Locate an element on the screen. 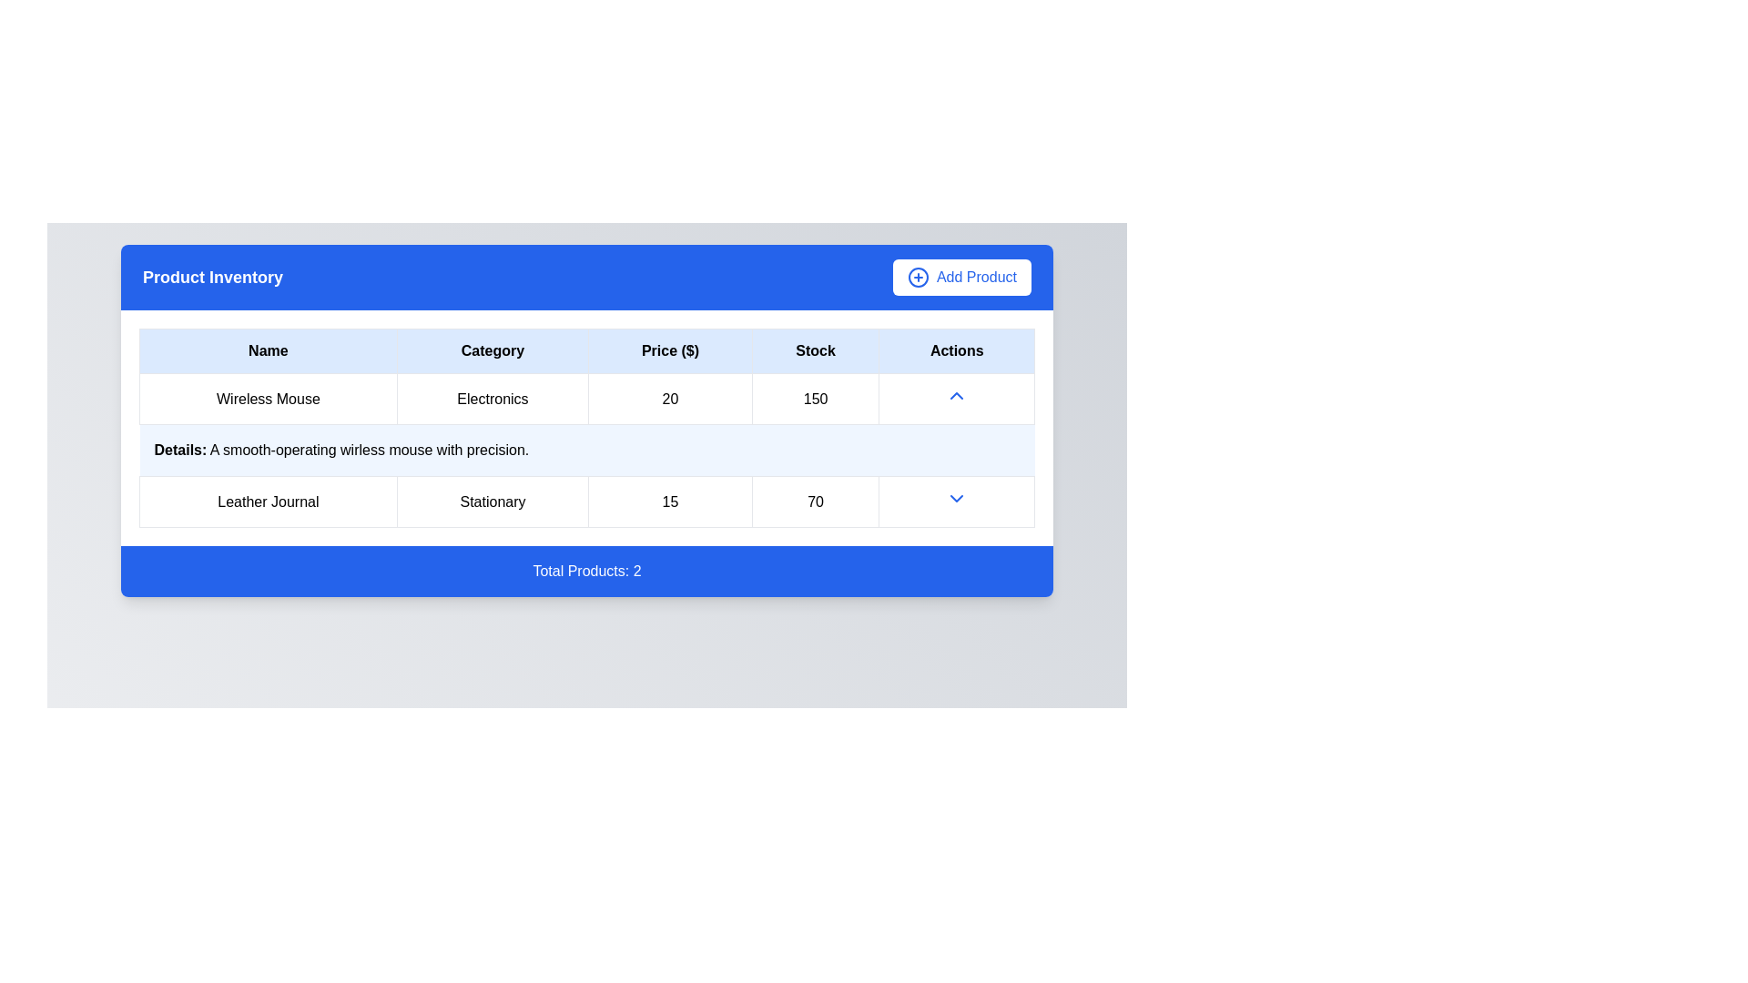  the upward action icon in the 'Actions' column of the table for the 'Wireless Mouse' product is located at coordinates (956, 398).